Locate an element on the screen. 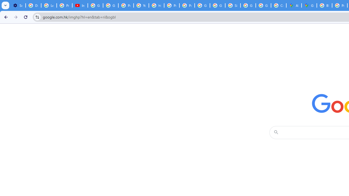  'Privacy Help Center - Policies Help' is located at coordinates (126, 5).